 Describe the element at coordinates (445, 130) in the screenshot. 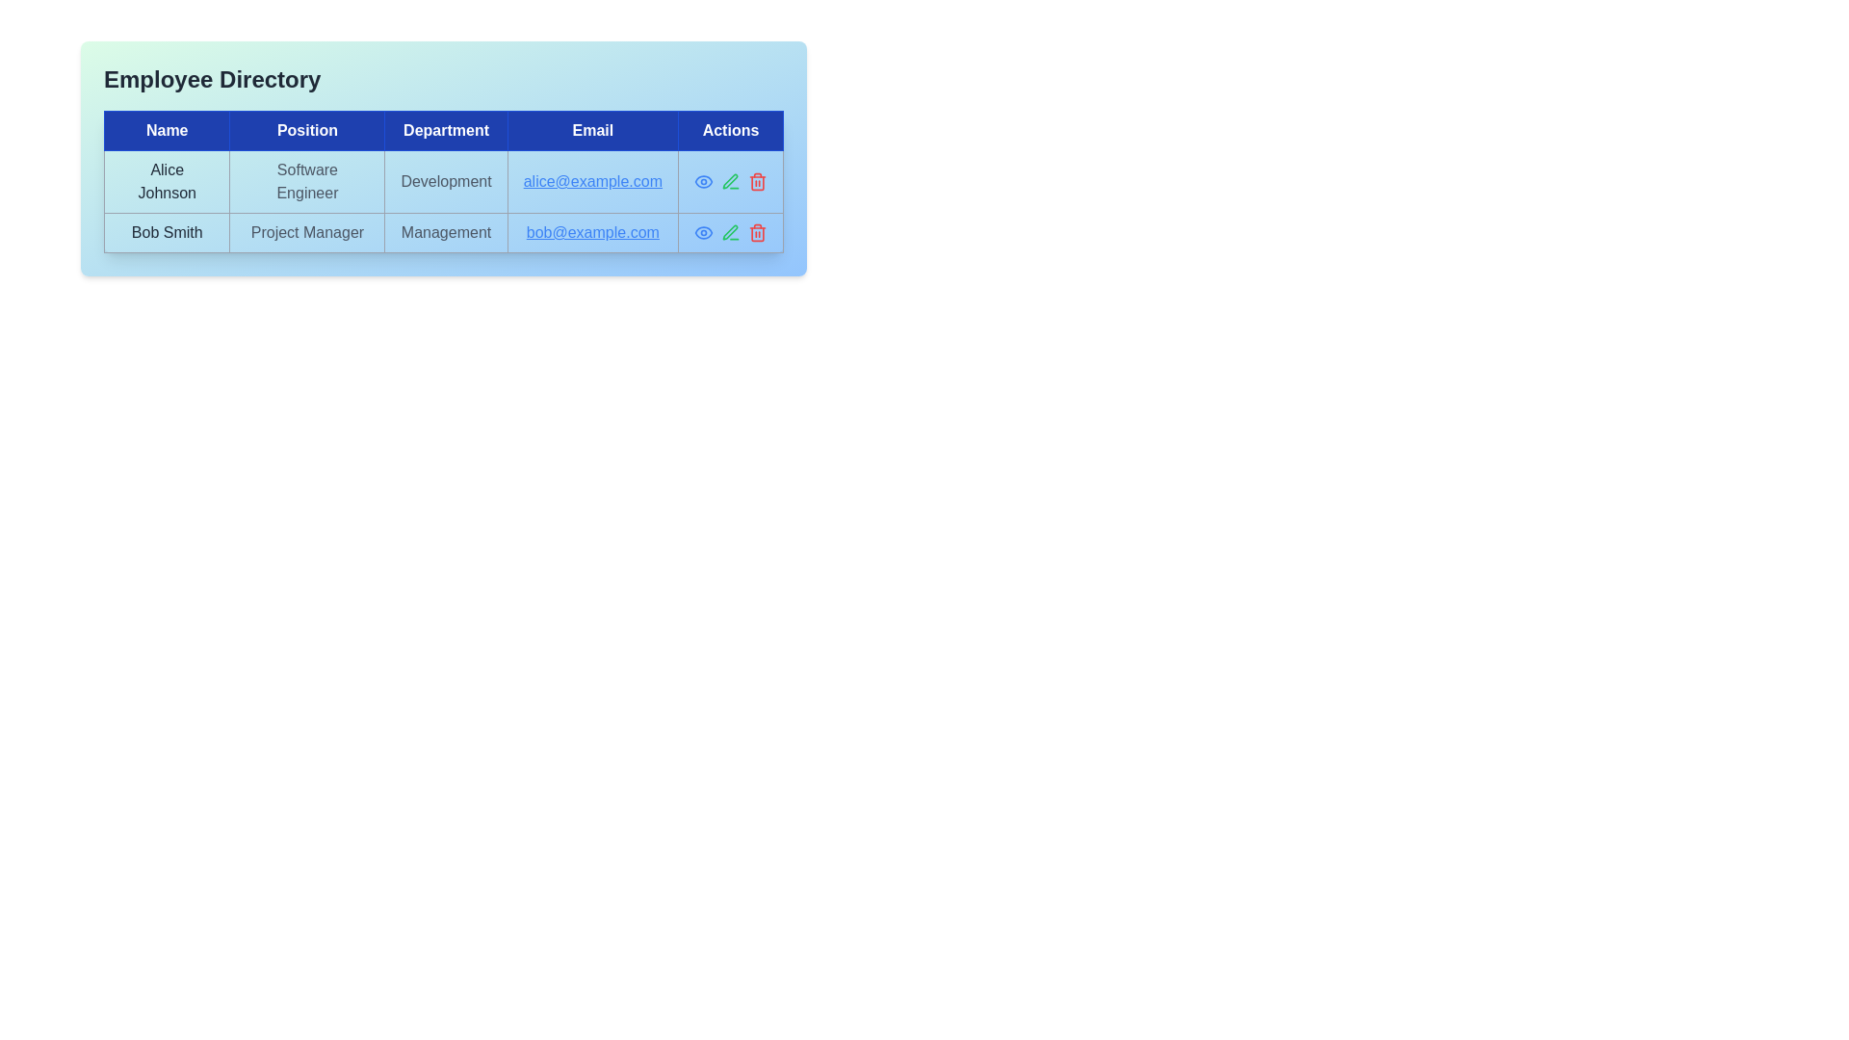

I see `the 'Department' header label in the table column, which is prominently displayed with bold white text on a blue background` at that location.